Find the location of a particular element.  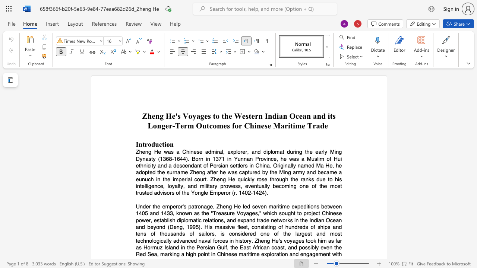

the subset text "lorer, a" within the text "Zheng He was a Chinese admiral, explorer, and diplomat during the early Ming Dynasty (1368-1644). Born in 1371 in Yunnan Province, he was a Muslim of Hui ethnicity and a descendant of Persian settlers in China. Originally named Ma He, he adopted the surname Zheng after he was captured by the Ming army and became a eunuch in the imperial court. Zheng He quickly rose through the ranks due to his intelligence, loyalty, and military prowess, eventually becoming one of the most trusted advisors of the Yongle Emperor (r. 1402-1424)." is located at coordinates (236, 151).